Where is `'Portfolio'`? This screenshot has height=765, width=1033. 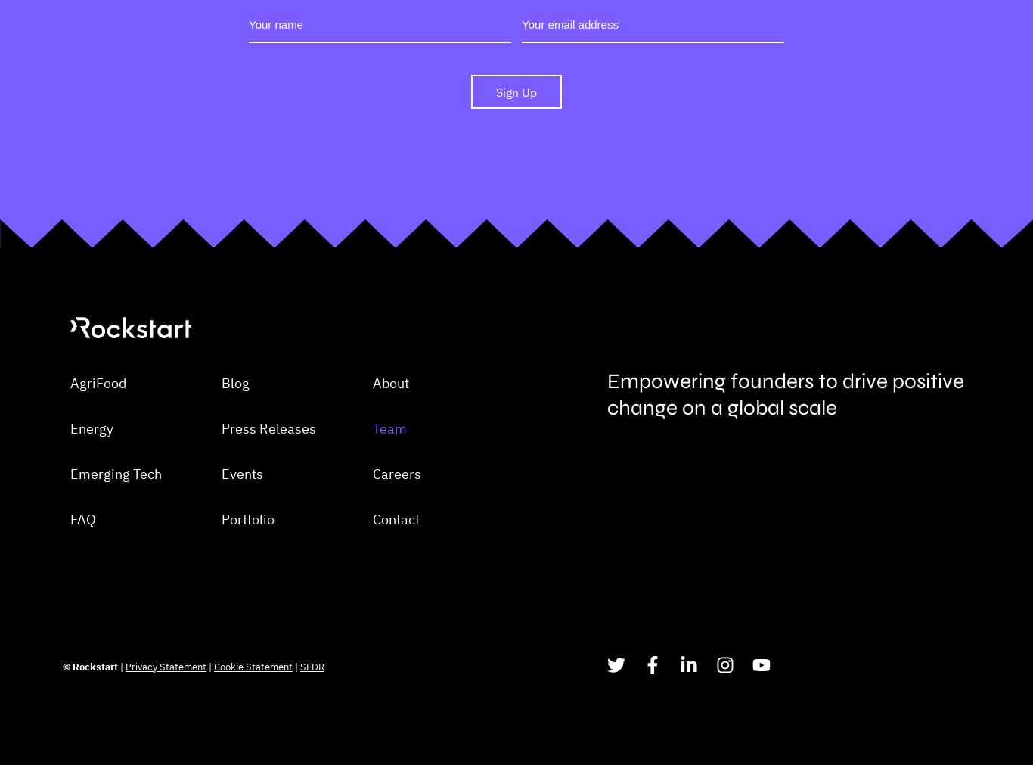
'Portfolio' is located at coordinates (247, 593).